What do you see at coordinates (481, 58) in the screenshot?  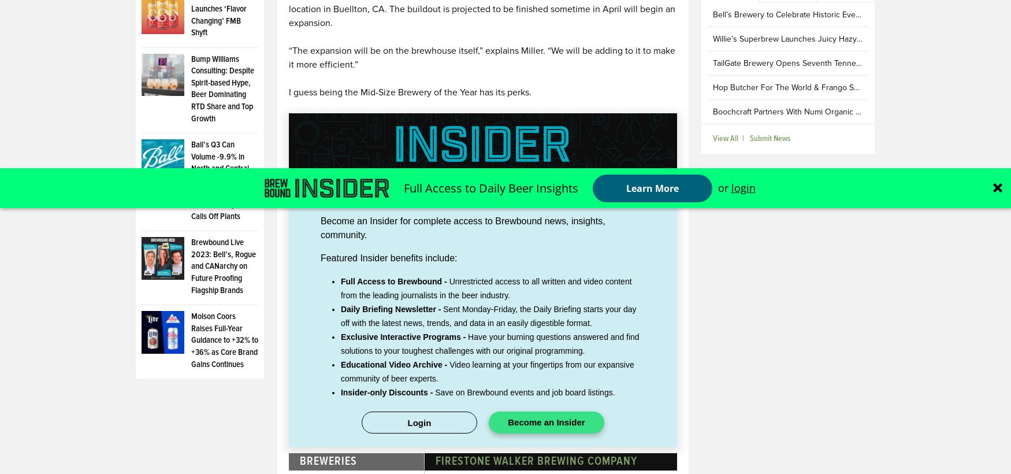 I see `'“The expansion will be on the brewhouse itself,” explains Miller. “We will be adding to it to make it more efficient.”'` at bounding box center [481, 58].